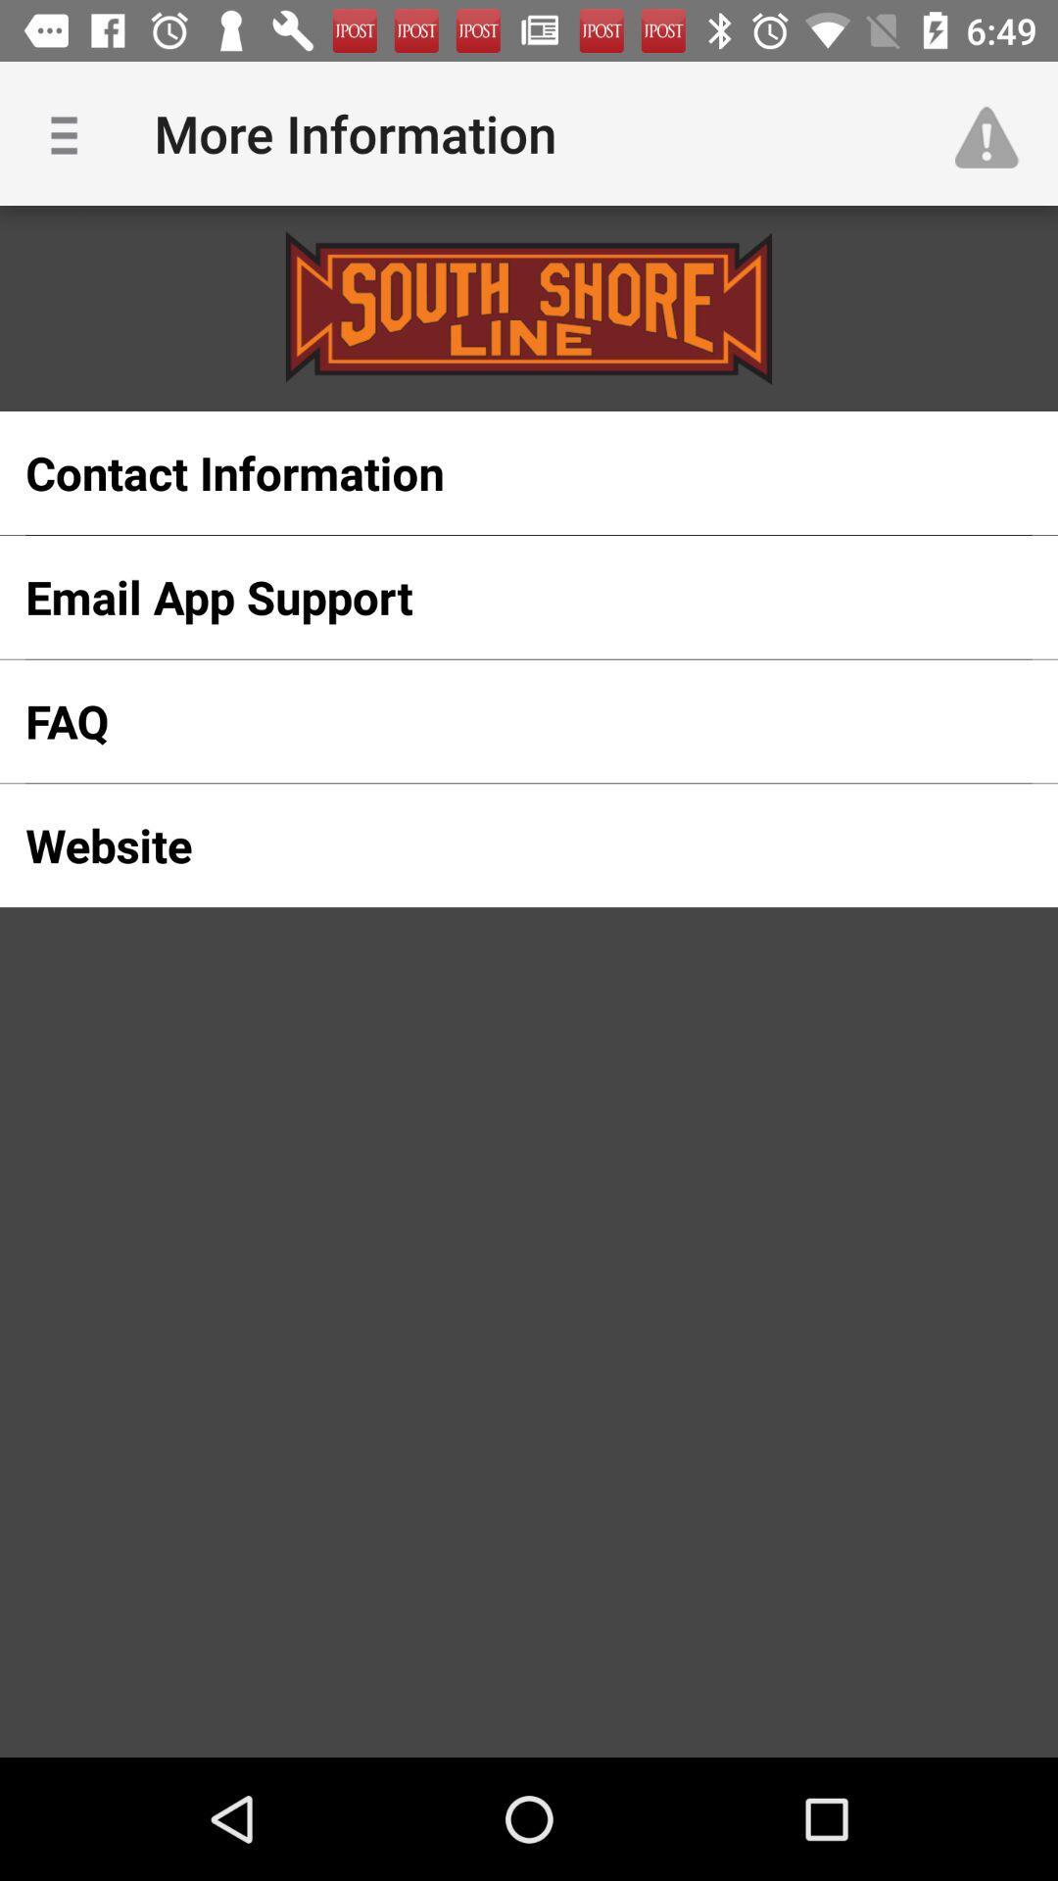 This screenshot has width=1058, height=1881. What do you see at coordinates (497, 845) in the screenshot?
I see `website item` at bounding box center [497, 845].